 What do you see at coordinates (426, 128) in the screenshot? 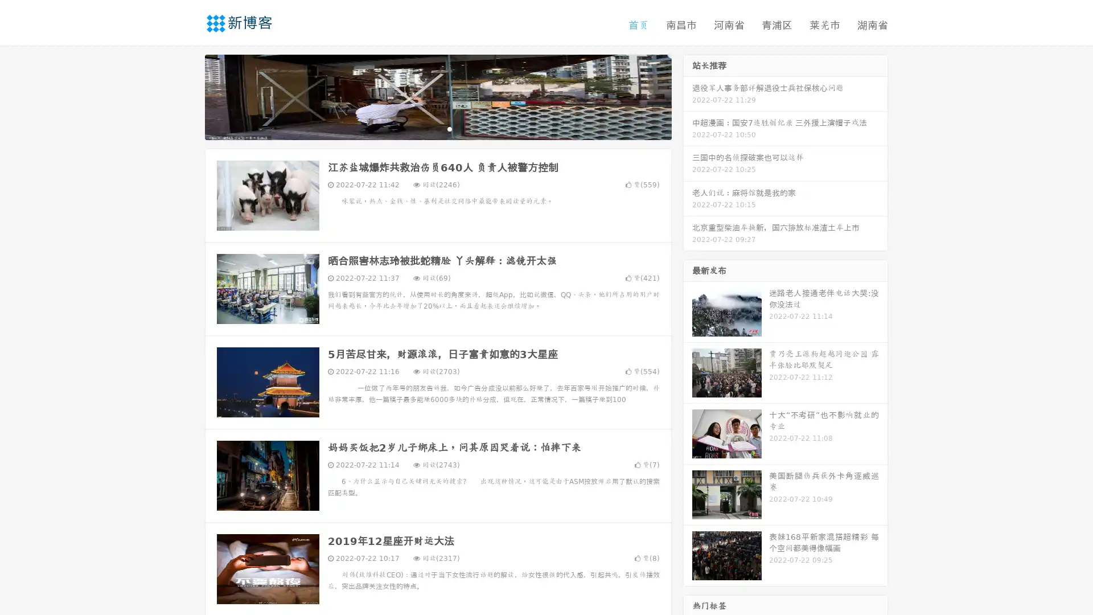
I see `Go to slide 1` at bounding box center [426, 128].